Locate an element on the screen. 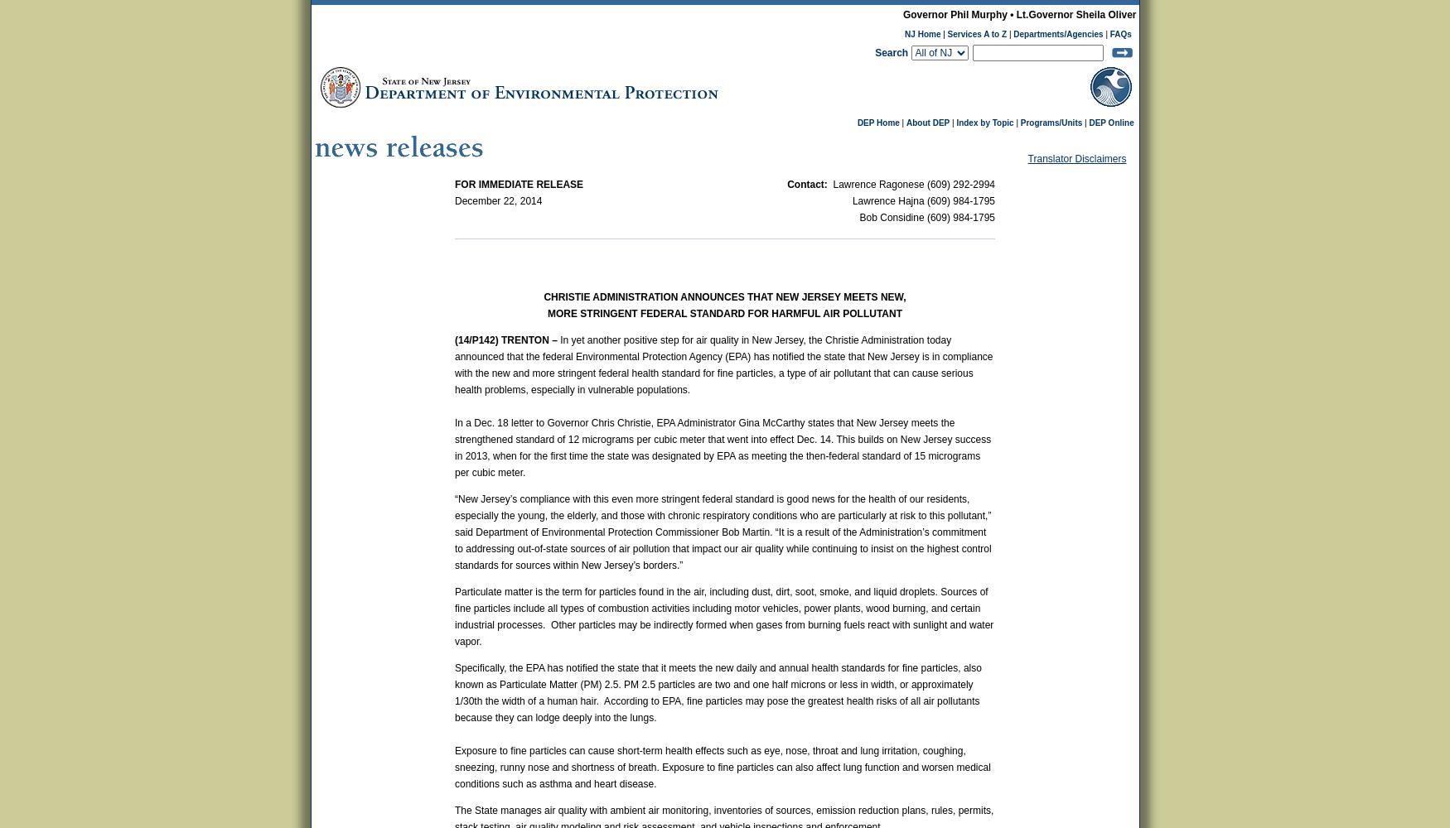  'Exposure to fine particles can cause short-term health effects such as eye,  nose, throat and lung irritation, coughing, sneezing, runny nose and shortness  of breath. Exposure to fine particles can also affect lung function and worsen  medical conditions such as asthma and heart disease.' is located at coordinates (723, 768).